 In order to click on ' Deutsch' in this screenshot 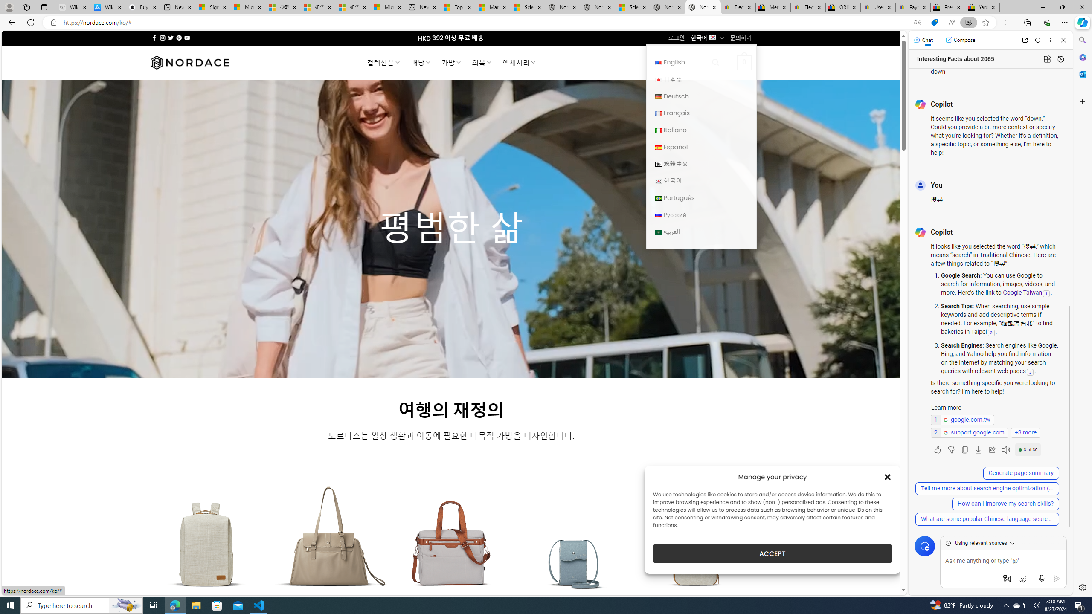, I will do `click(700, 96)`.